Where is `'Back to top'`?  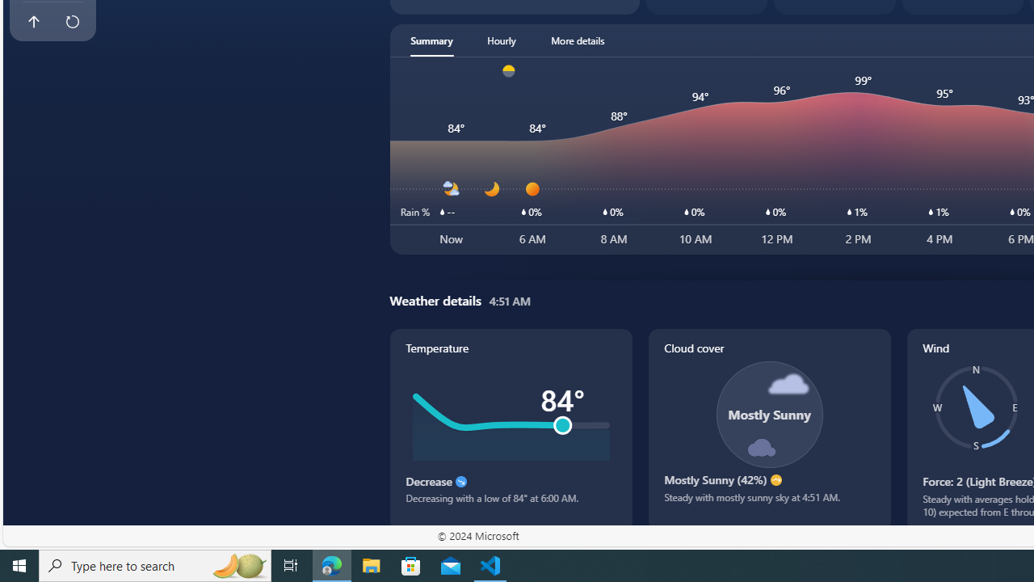
'Back to top' is located at coordinates (33, 22).